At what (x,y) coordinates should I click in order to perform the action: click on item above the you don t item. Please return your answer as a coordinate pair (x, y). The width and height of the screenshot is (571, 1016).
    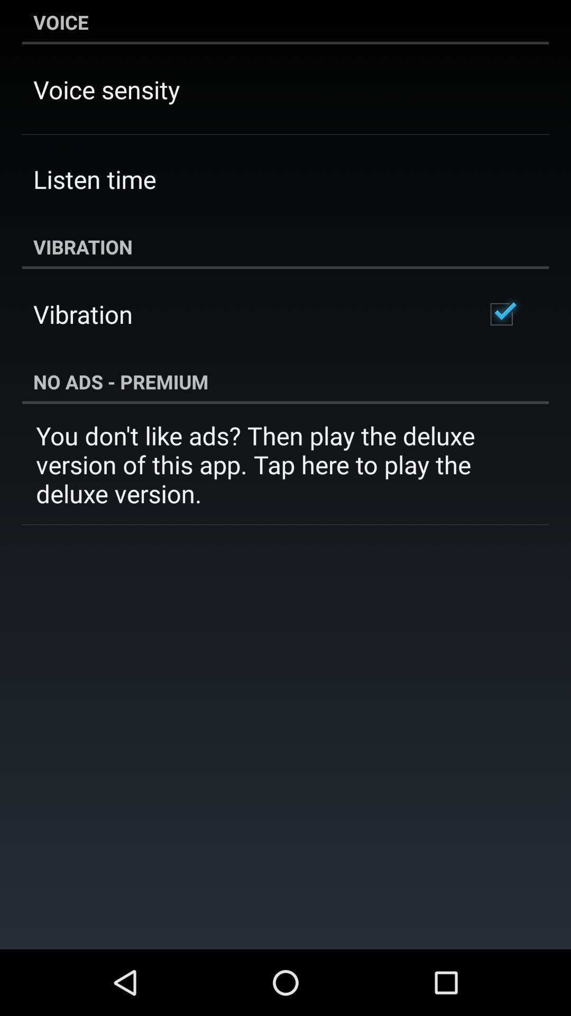
    Looking at the image, I should click on (285, 381).